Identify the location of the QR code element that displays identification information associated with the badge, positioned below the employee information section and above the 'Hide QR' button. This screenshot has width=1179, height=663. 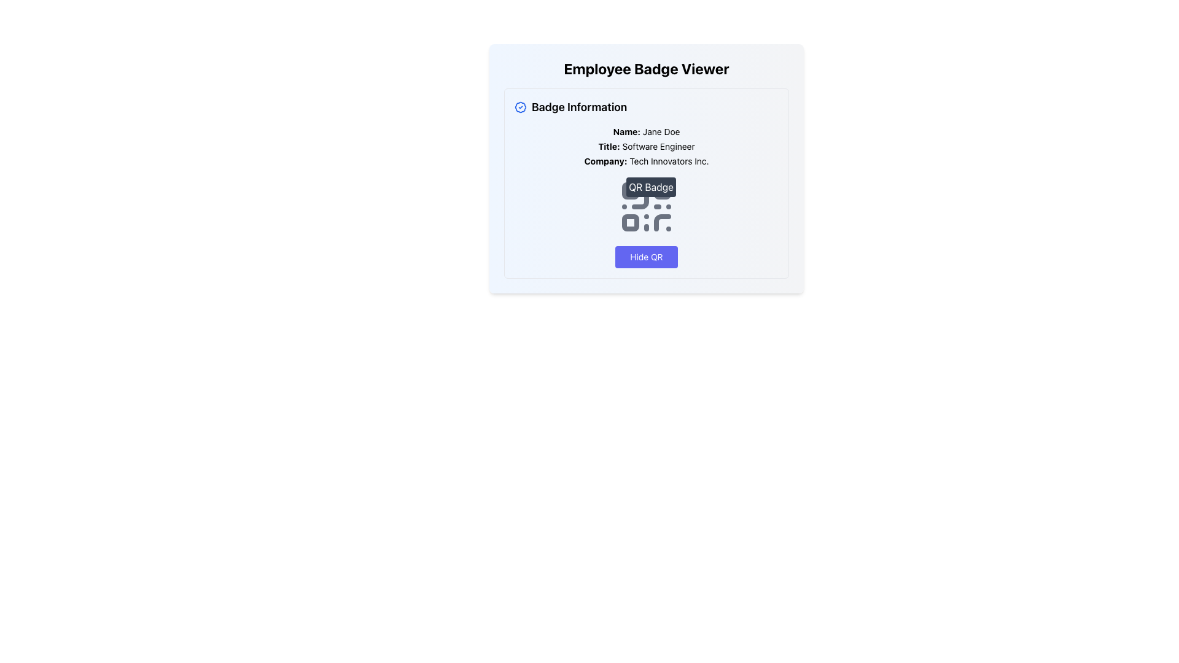
(645, 206).